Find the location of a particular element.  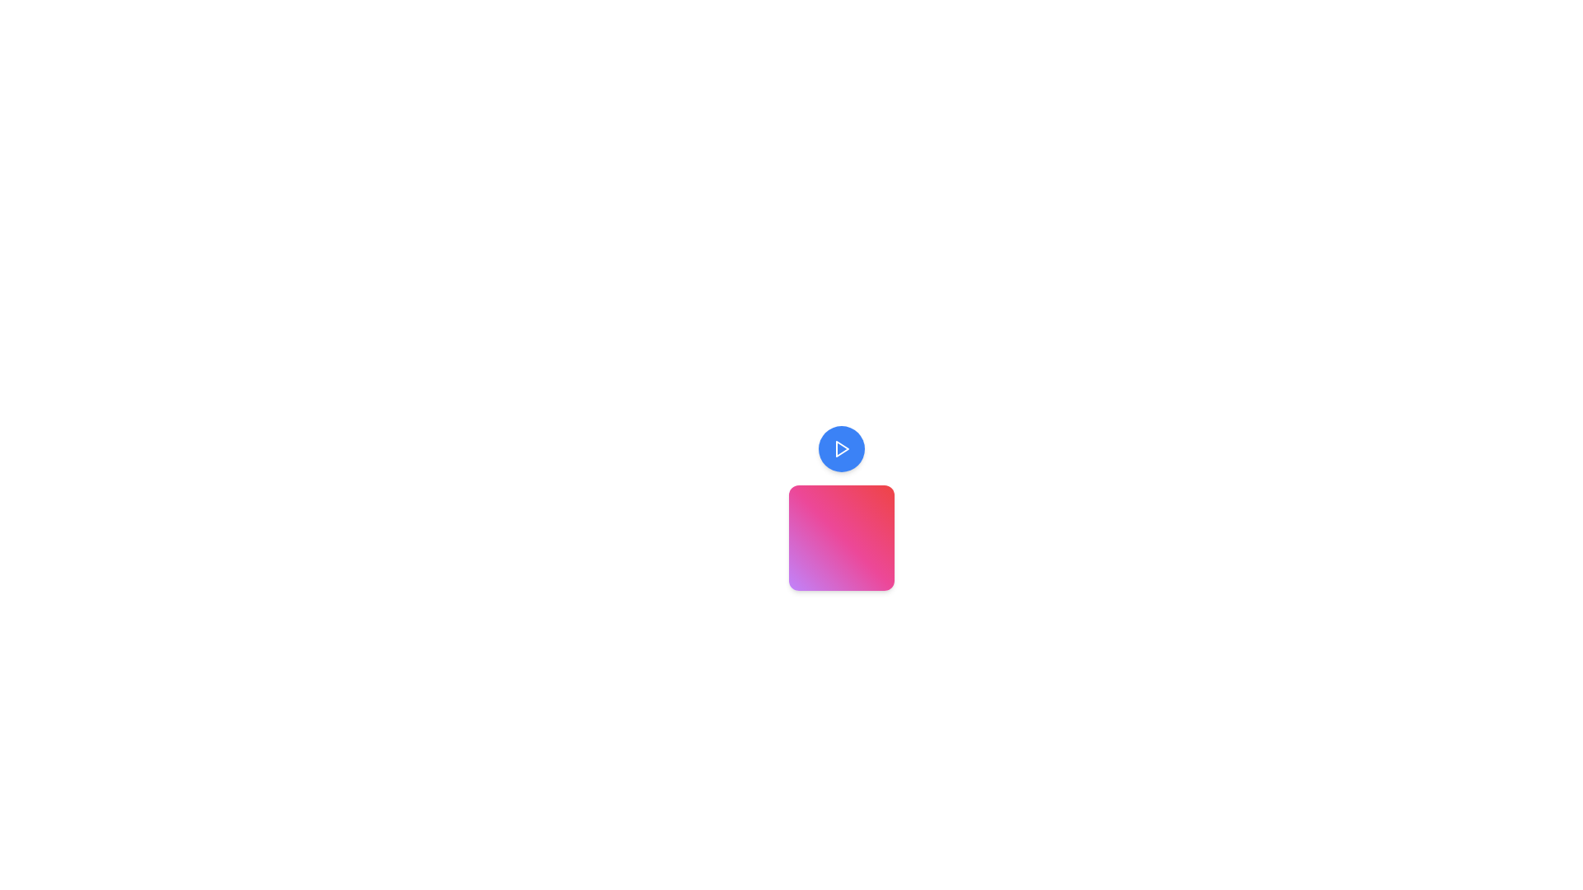

the triangular play icon contained within the circular blue button is located at coordinates (842, 448).